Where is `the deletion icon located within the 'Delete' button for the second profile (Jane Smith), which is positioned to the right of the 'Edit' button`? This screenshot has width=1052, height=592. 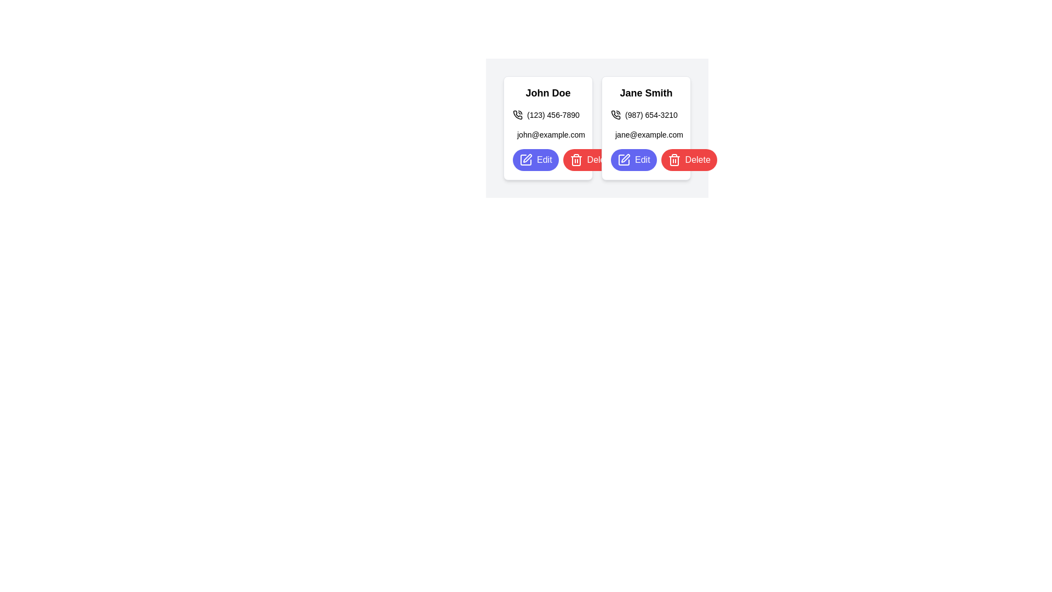
the deletion icon located within the 'Delete' button for the second profile (Jane Smith), which is positioned to the right of the 'Edit' button is located at coordinates (575, 161).